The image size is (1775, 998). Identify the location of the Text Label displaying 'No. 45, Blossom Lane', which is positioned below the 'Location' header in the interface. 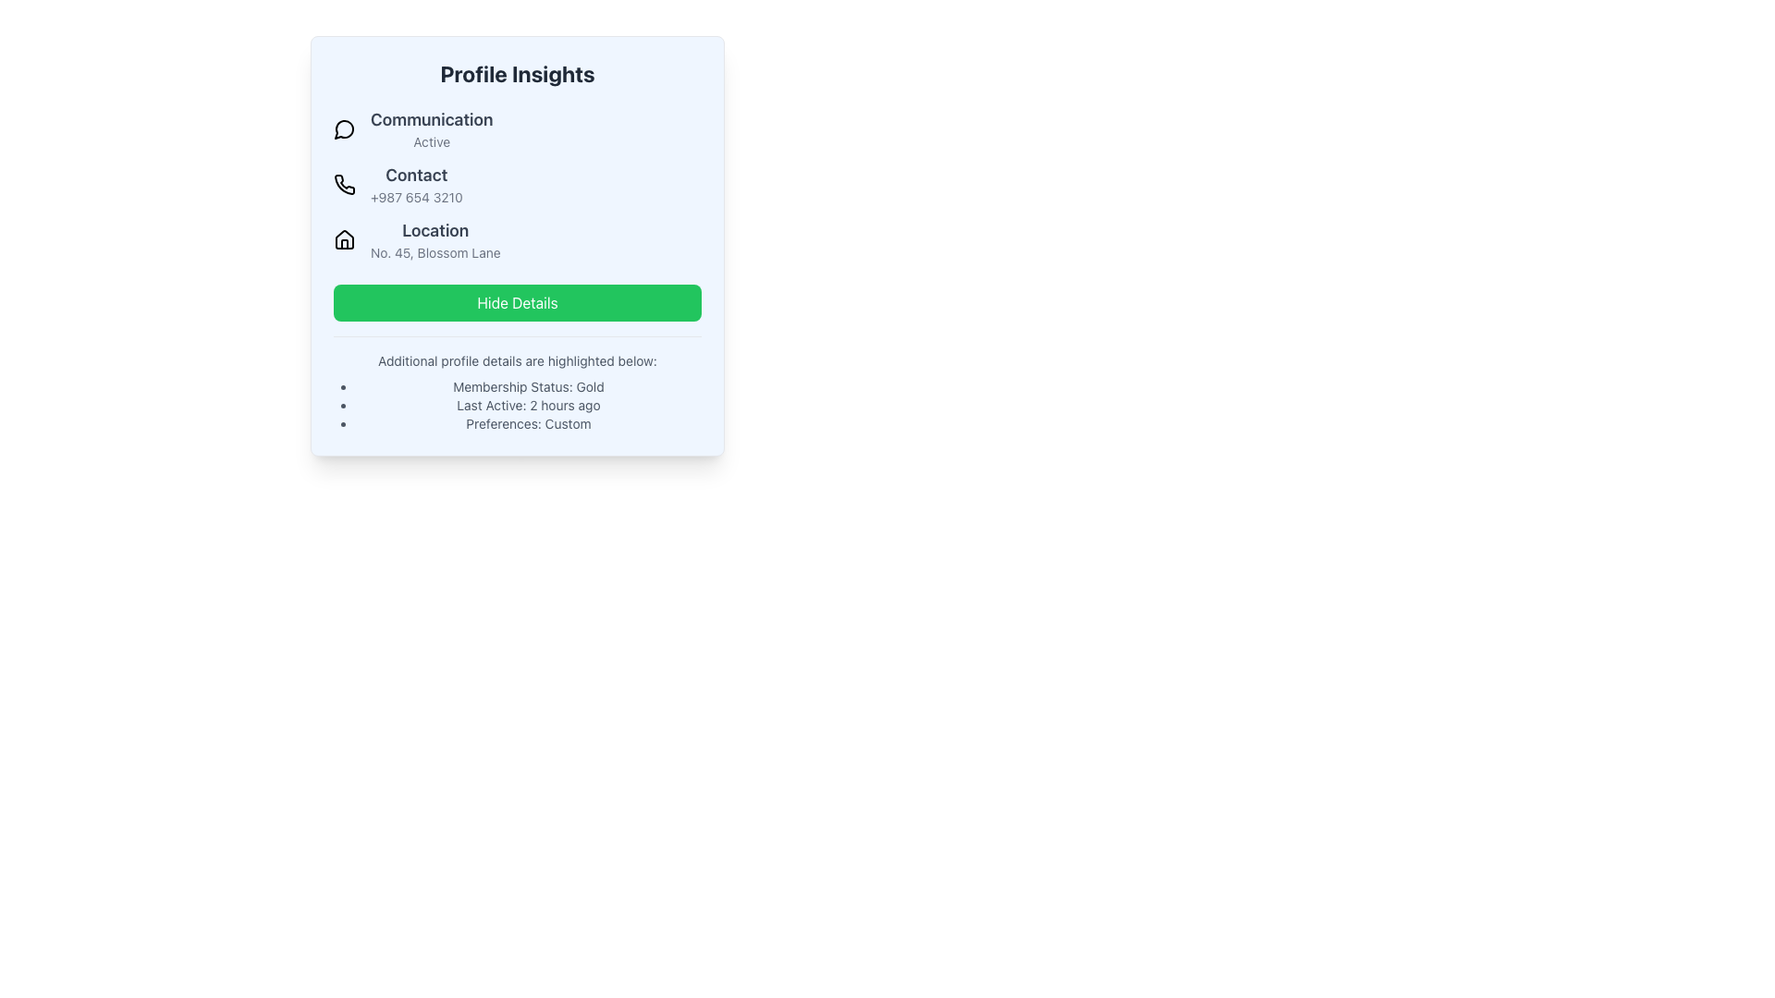
(435, 252).